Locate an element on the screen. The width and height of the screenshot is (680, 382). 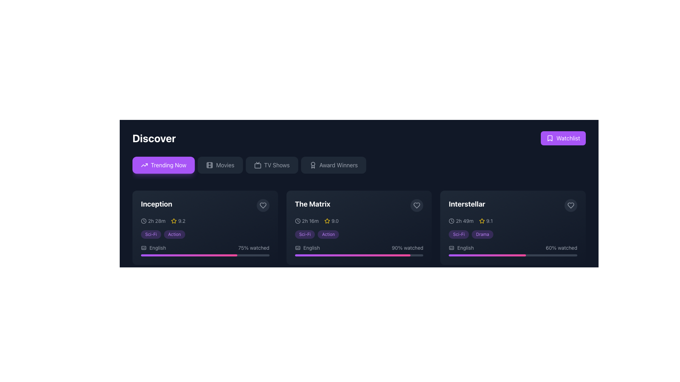
the static text display styled as a tag indicating the genre 'Sci-Fi', which is positioned under 'The Matrix' movie card and is the first in a sequence of two tags is located at coordinates (305, 235).